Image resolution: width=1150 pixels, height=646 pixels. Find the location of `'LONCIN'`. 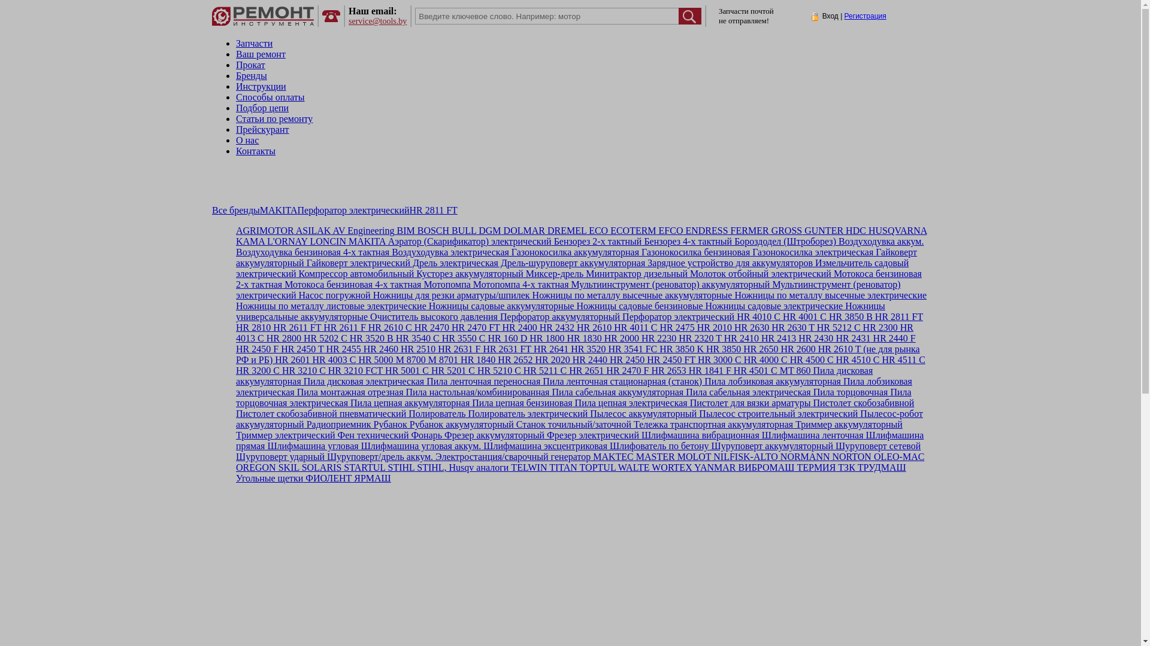

'LONCIN' is located at coordinates (327, 241).